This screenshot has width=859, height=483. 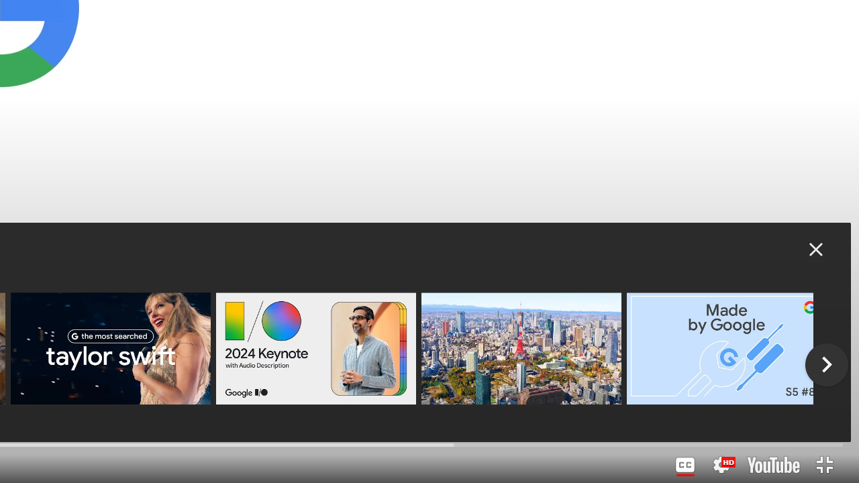 I want to click on 'Watch on YouTube', so click(x=773, y=464).